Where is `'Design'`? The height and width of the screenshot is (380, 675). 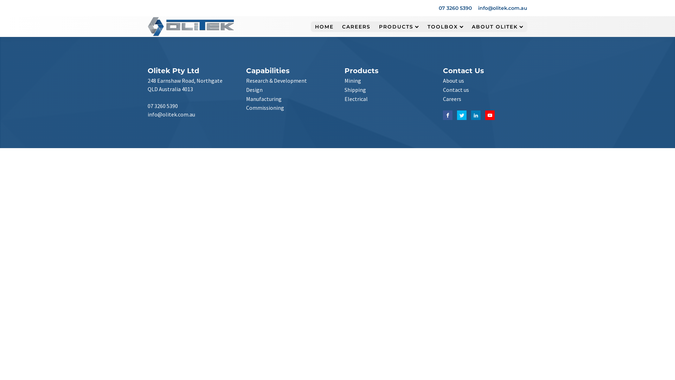
'Design' is located at coordinates (254, 89).